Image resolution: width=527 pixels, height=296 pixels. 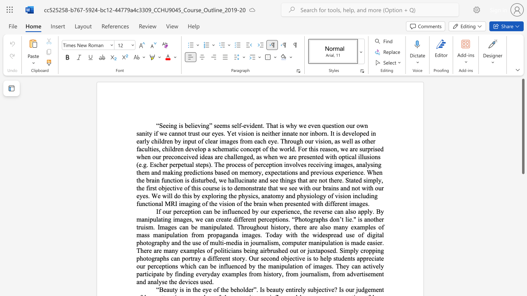 I want to click on the scrollbar and move down 380 pixels, so click(x=522, y=126).